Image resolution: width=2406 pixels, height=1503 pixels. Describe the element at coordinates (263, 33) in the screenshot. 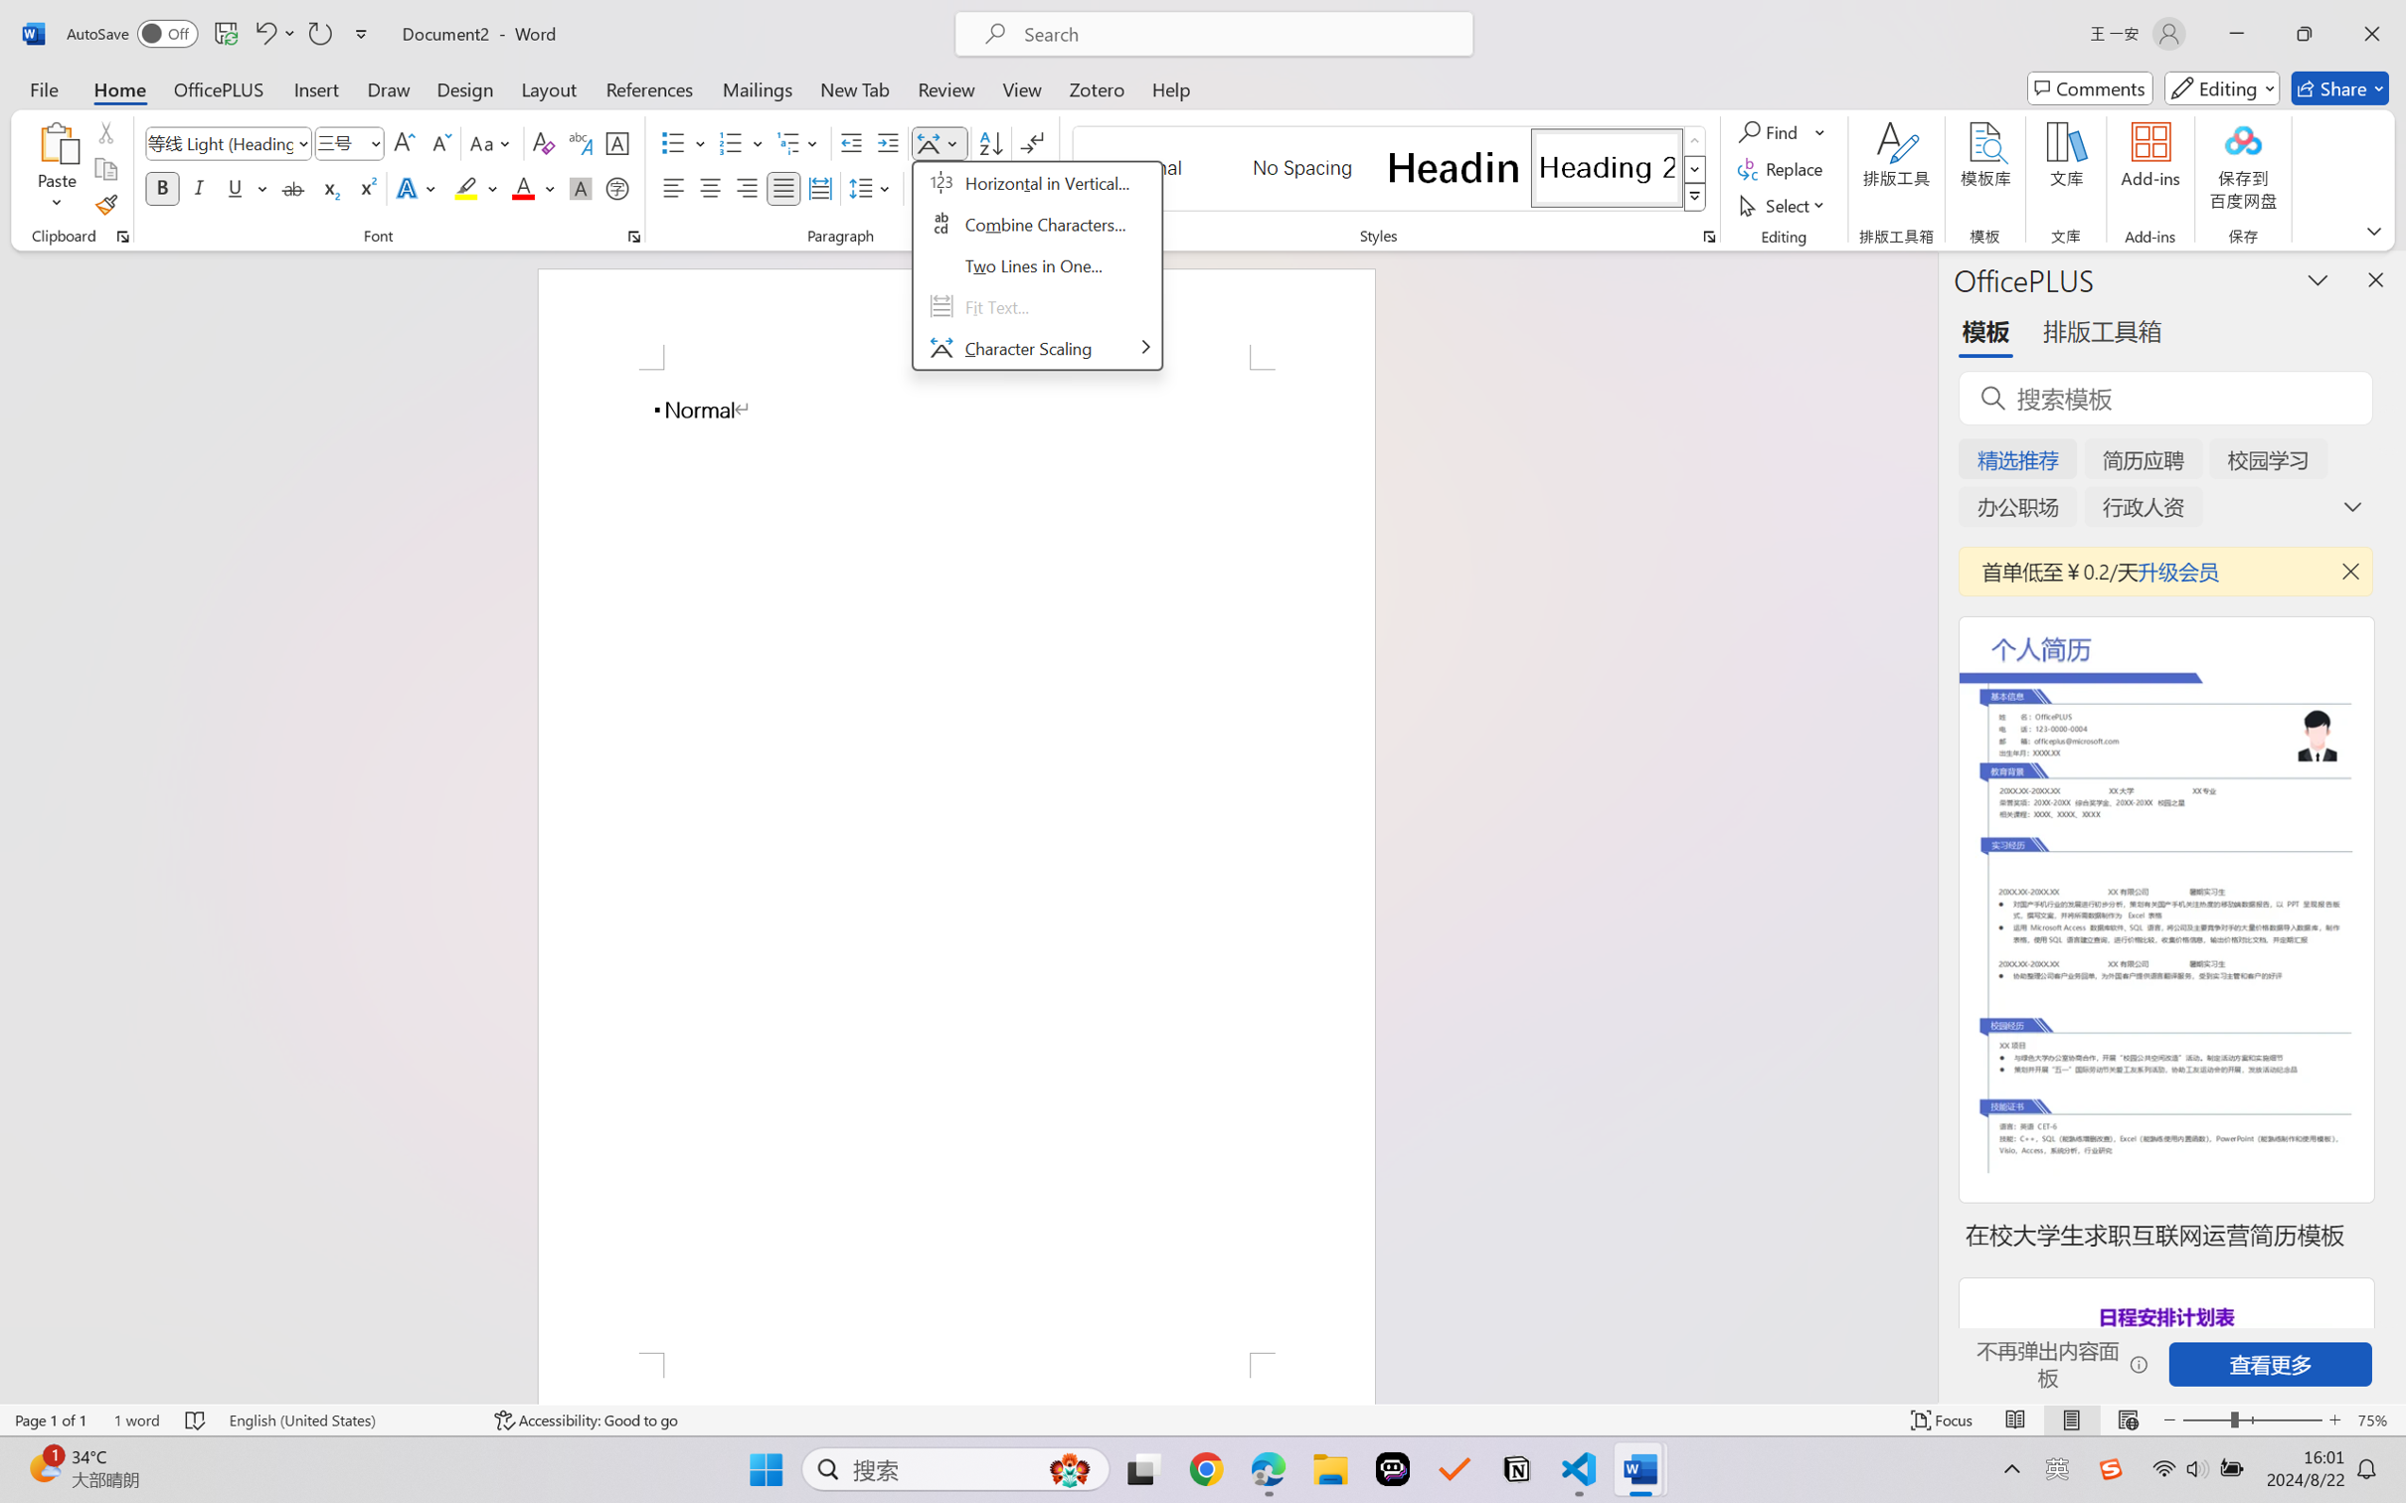

I see `'Undo Typing'` at that location.